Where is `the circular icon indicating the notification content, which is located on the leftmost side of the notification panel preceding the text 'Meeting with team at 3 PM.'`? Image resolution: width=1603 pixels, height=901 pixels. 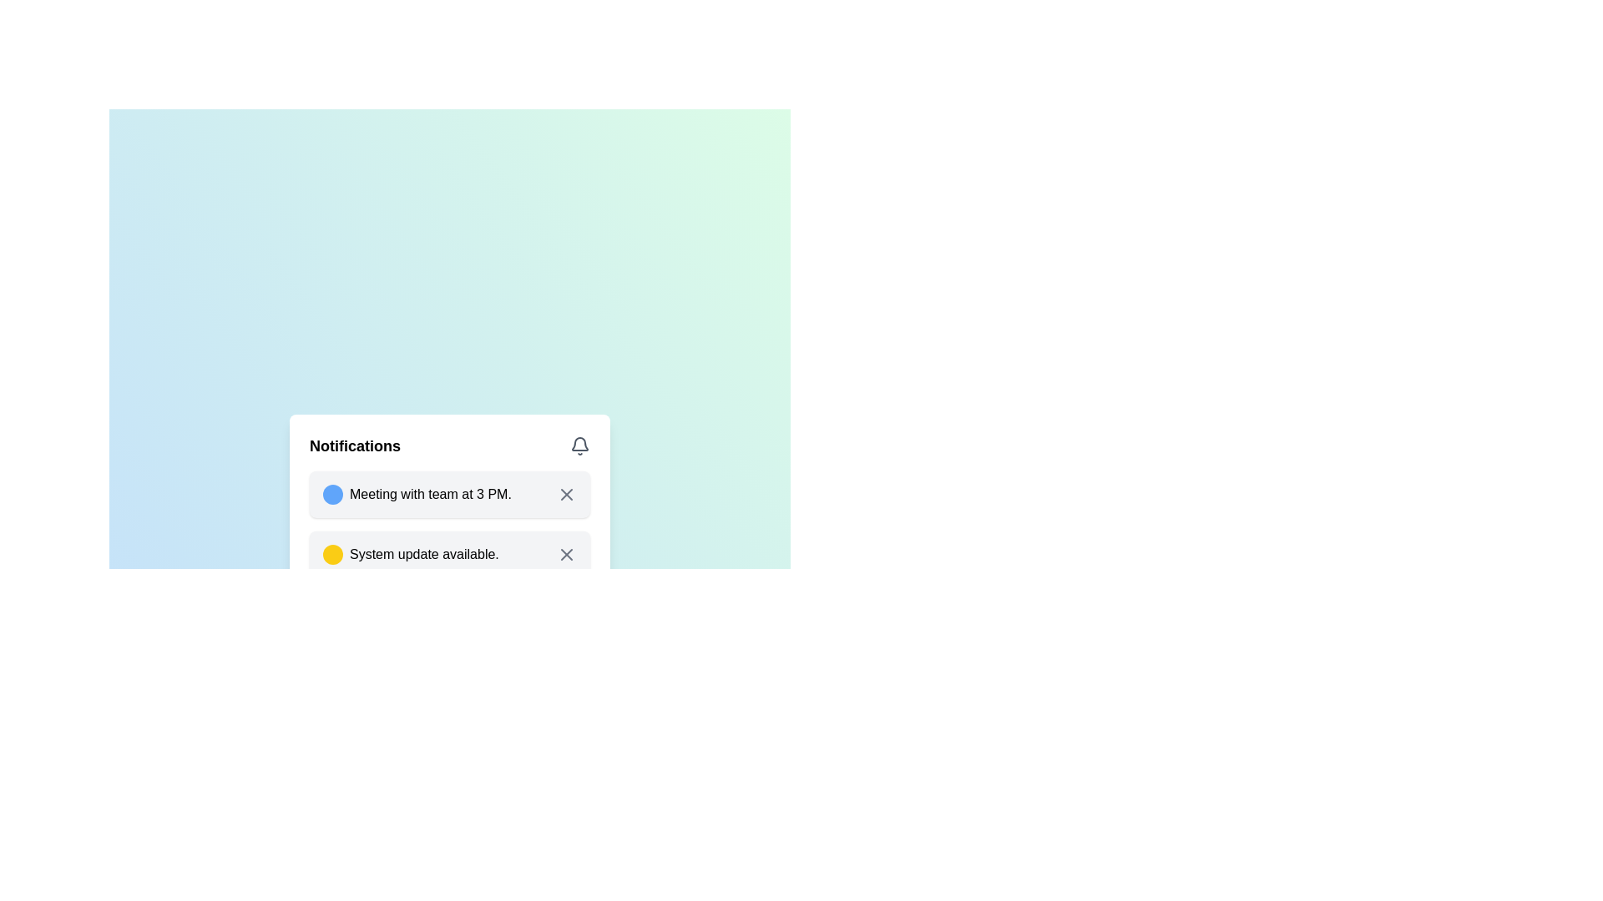
the circular icon indicating the notification content, which is located on the leftmost side of the notification panel preceding the text 'Meeting with team at 3 PM.' is located at coordinates (332, 494).